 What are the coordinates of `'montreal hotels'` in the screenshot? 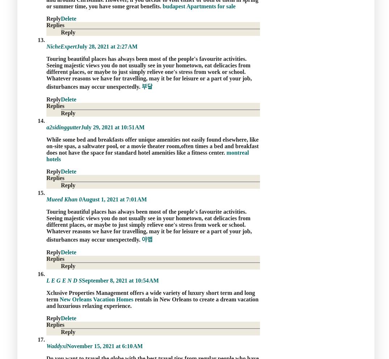 It's located at (46, 156).